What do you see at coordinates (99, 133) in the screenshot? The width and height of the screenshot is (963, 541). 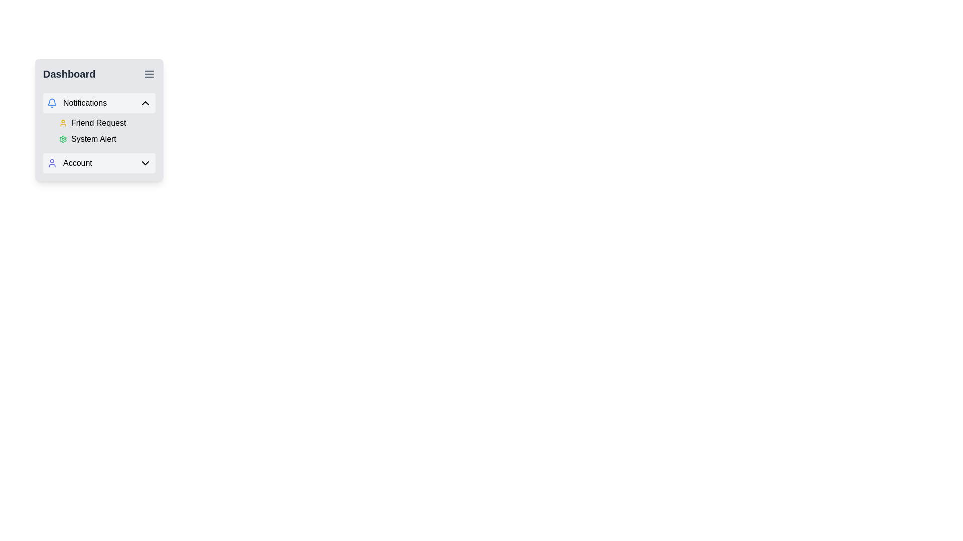 I see `the notification items in the Menu section` at bounding box center [99, 133].